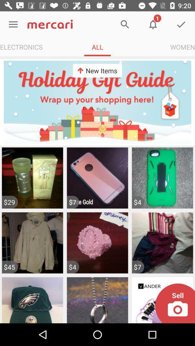 The height and width of the screenshot is (346, 195). What do you see at coordinates (97, 102) in the screenshot?
I see `open holiday gift guide` at bounding box center [97, 102].